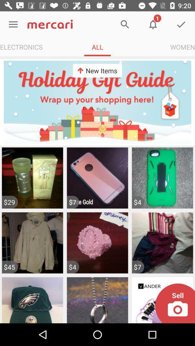 The height and width of the screenshot is (346, 195). What do you see at coordinates (97, 102) in the screenshot?
I see `open holiday gift guide` at bounding box center [97, 102].